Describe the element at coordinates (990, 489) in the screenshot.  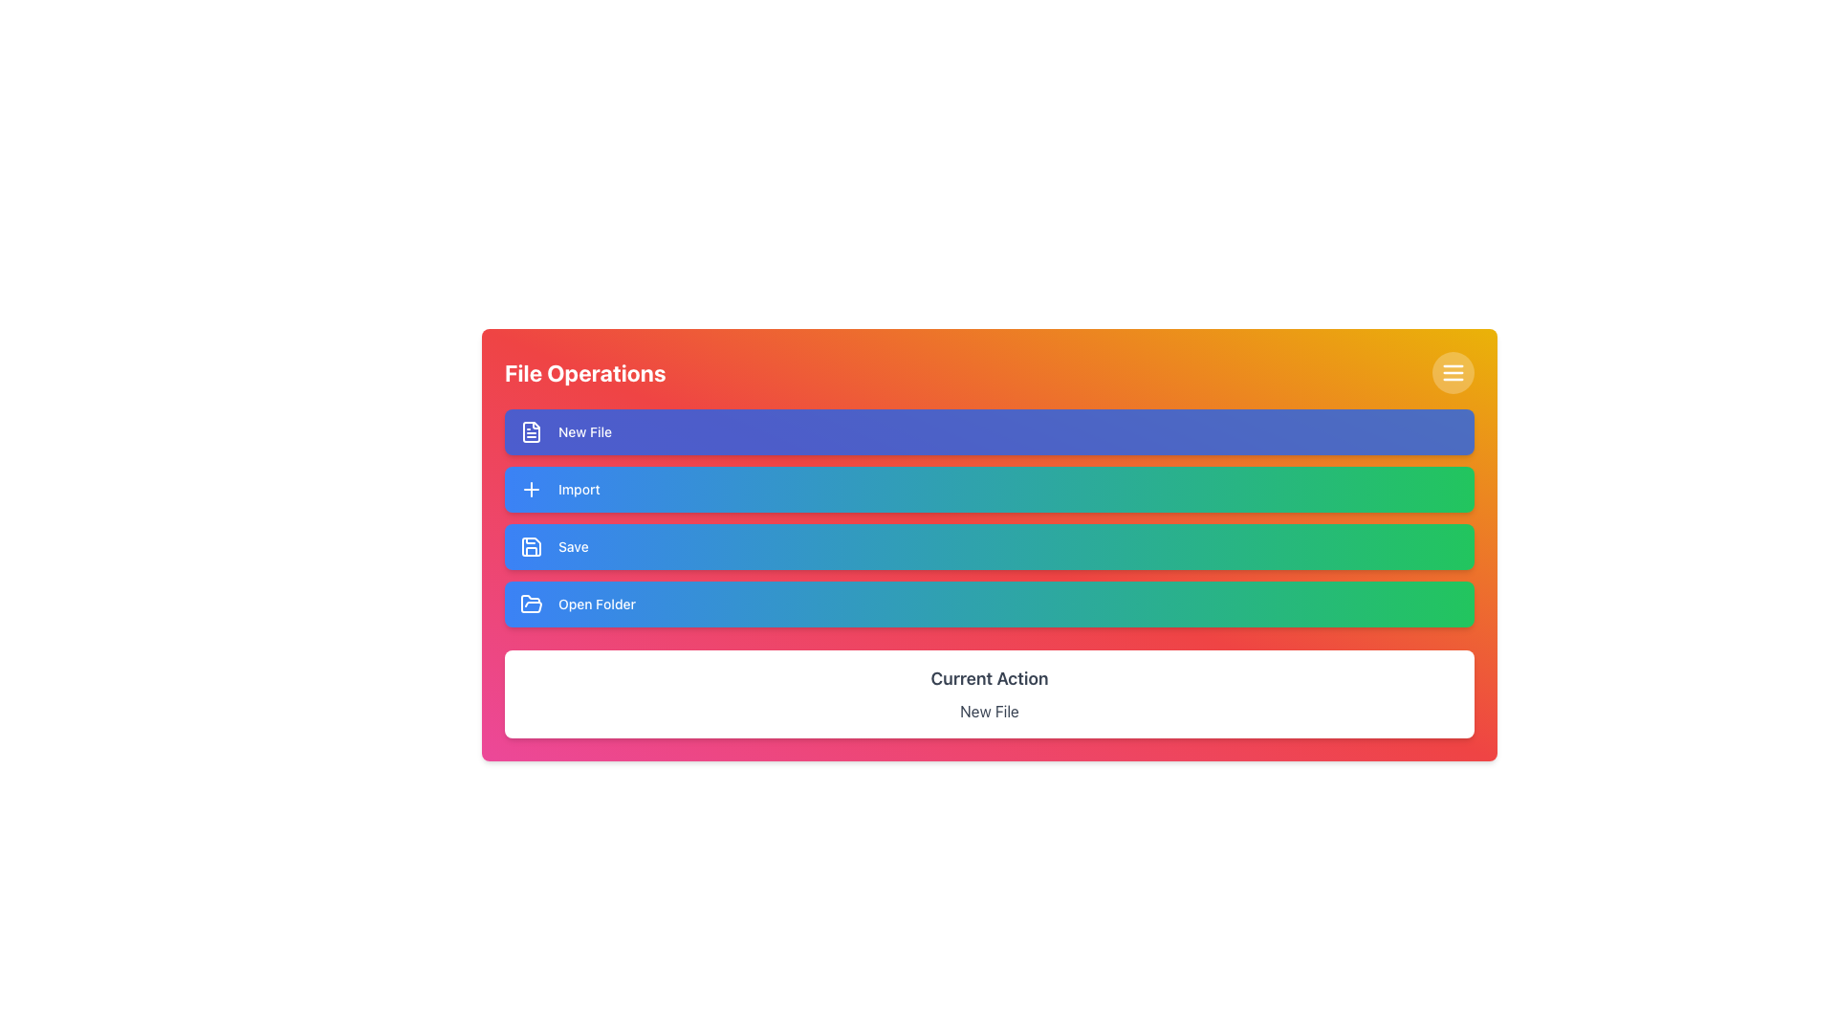
I see `the 'Import' button, which is the second button in the 'File Operations' section, to observe any hover effects` at that location.